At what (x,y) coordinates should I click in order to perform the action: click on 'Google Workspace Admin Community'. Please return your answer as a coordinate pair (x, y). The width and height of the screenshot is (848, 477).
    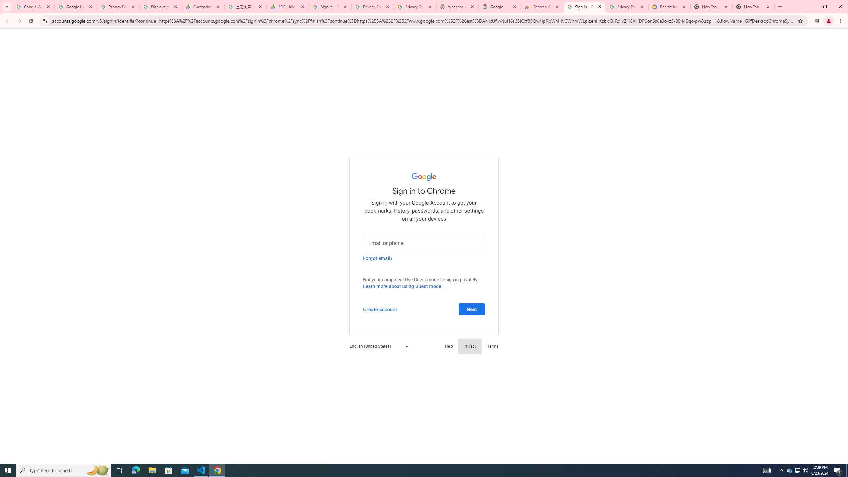
    Looking at the image, I should click on (33, 6).